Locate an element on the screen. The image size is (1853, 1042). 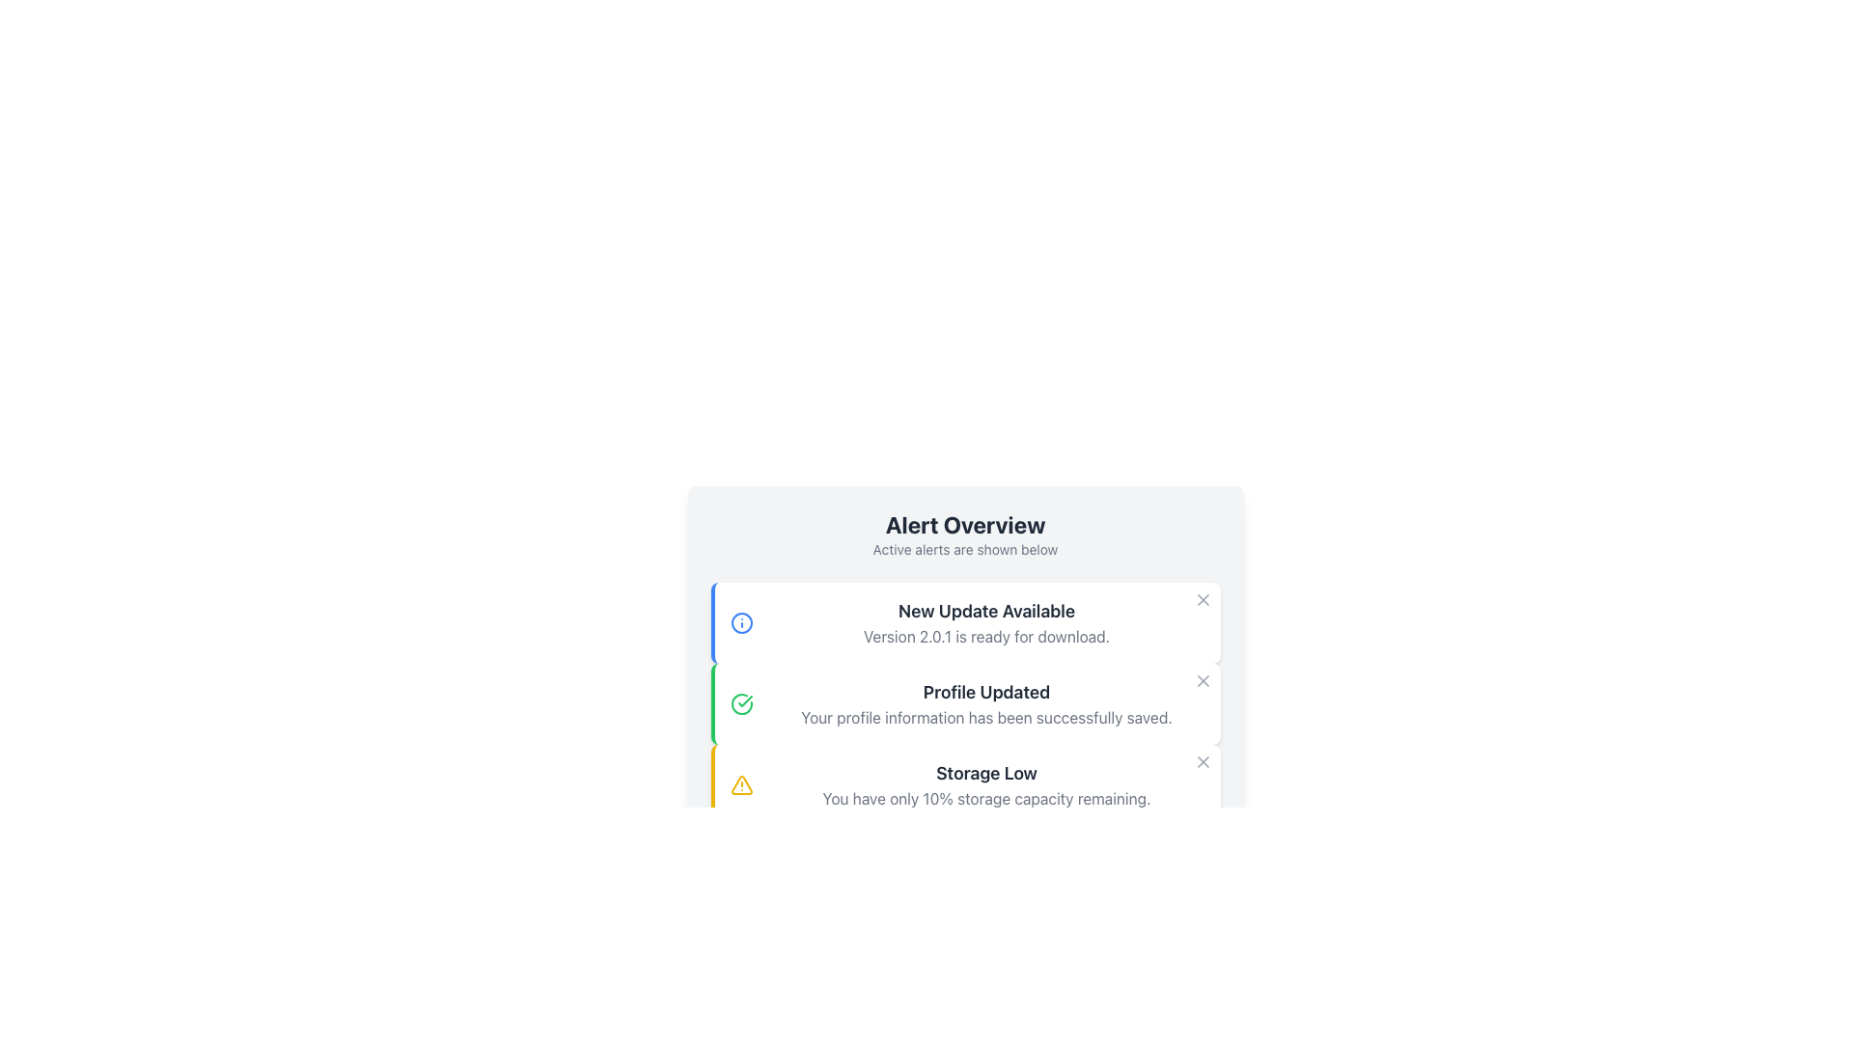
the checkmark symbol within the second alert notification card that indicates a successfully updated profile is located at coordinates (744, 700).